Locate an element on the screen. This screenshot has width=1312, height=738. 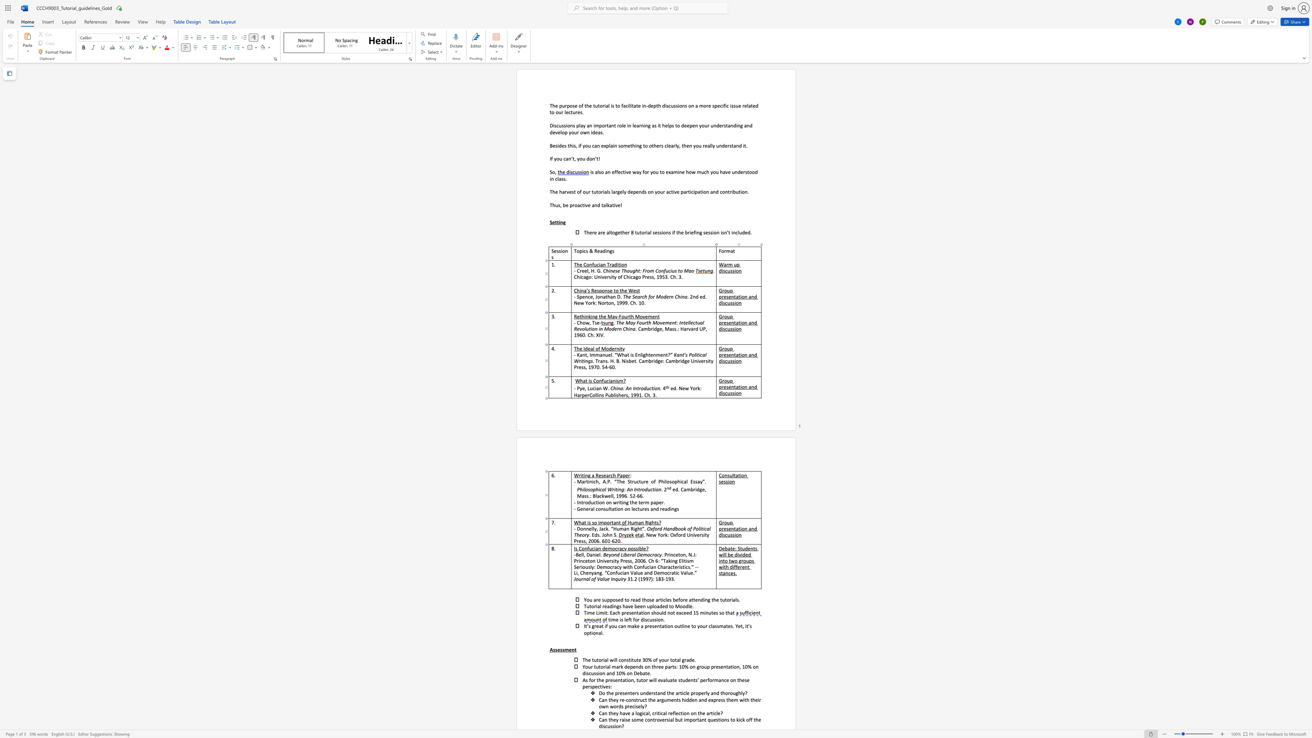
the 1th character "P" in the text is located at coordinates (575, 540).